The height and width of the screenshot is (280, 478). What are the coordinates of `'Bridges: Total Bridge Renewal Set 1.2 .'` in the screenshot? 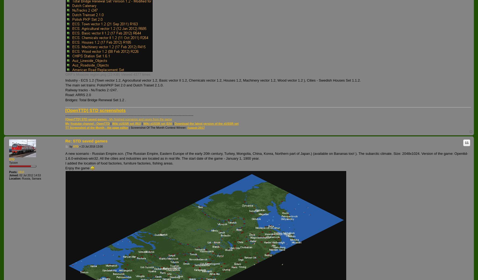 It's located at (95, 99).